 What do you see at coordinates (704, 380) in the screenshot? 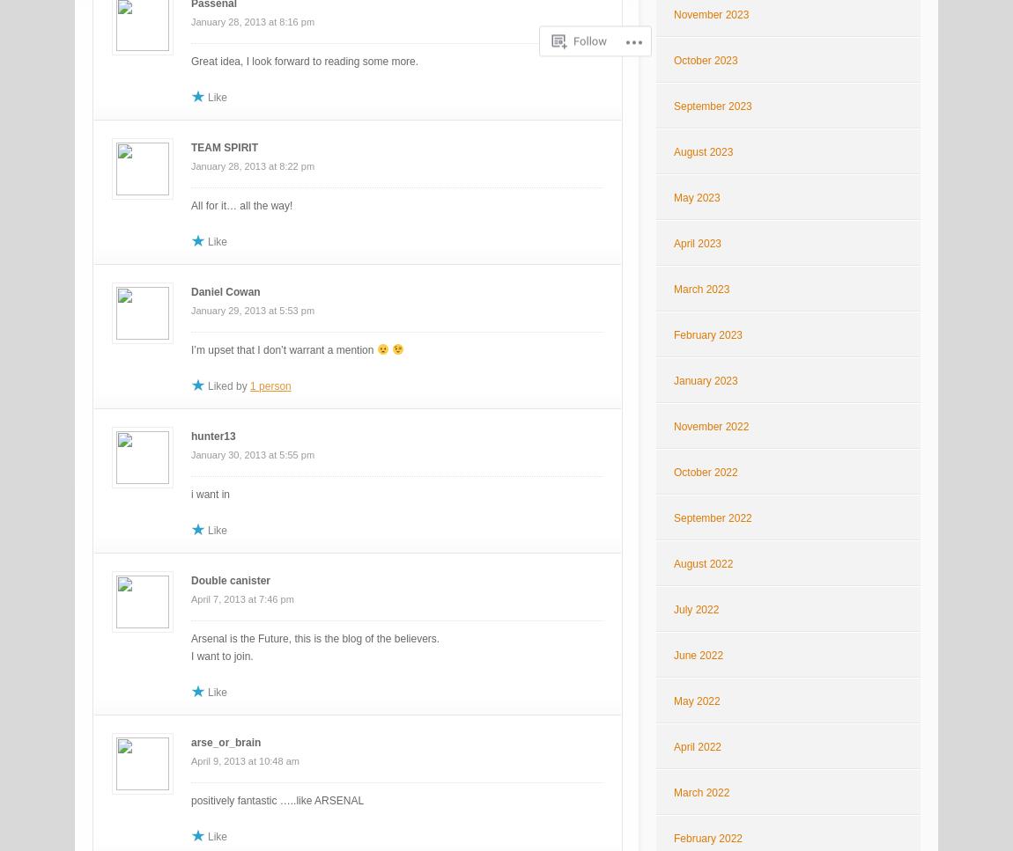
I see `'January 2023'` at bounding box center [704, 380].